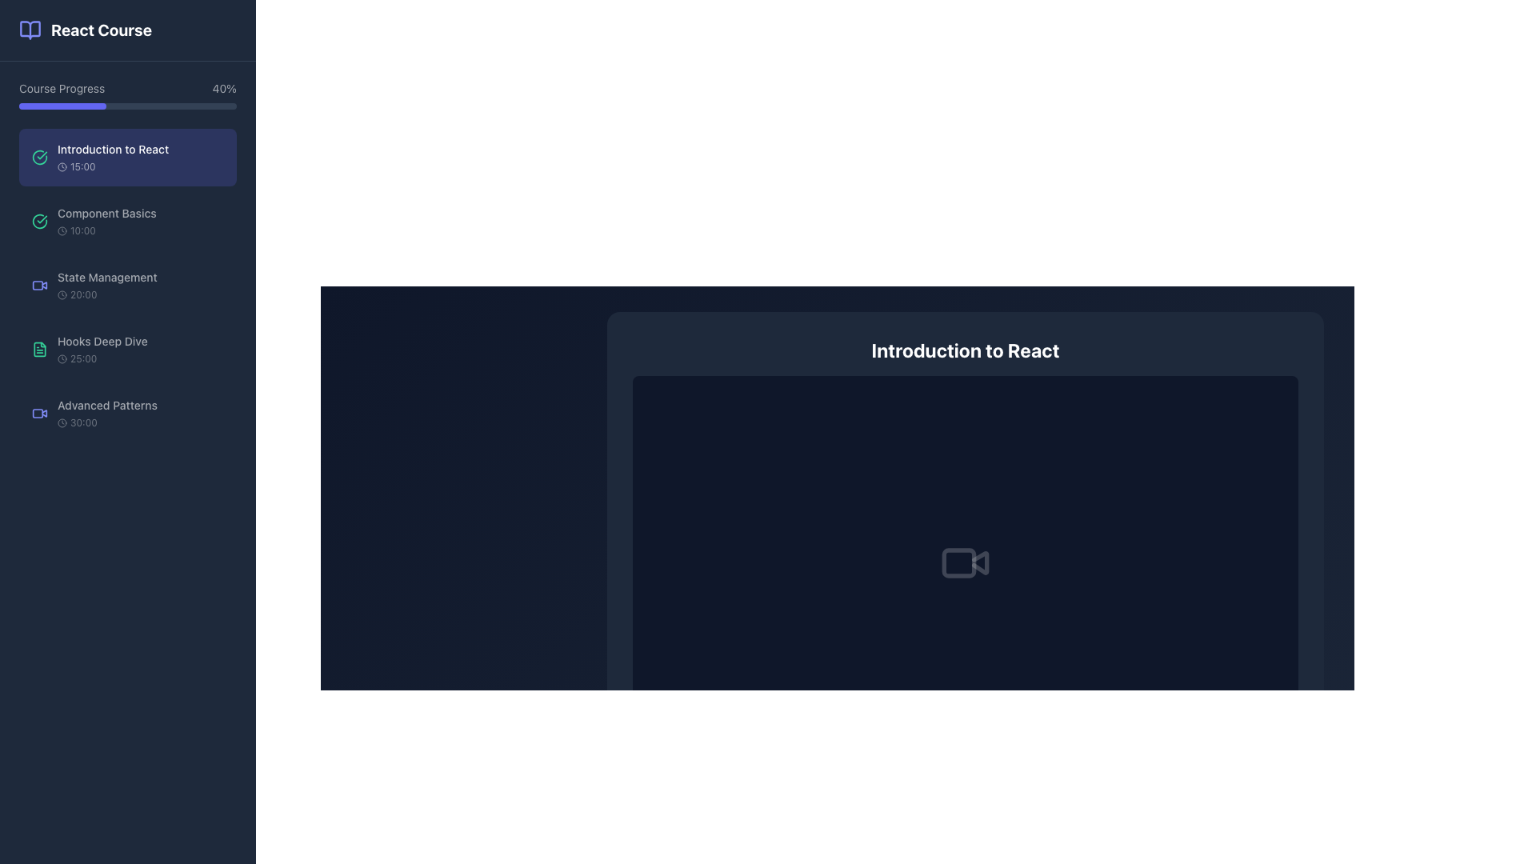 This screenshot has height=864, width=1536. What do you see at coordinates (84, 30) in the screenshot?
I see `the course title header element, labeled 'React Course', located near the top-left of the sidebar` at bounding box center [84, 30].